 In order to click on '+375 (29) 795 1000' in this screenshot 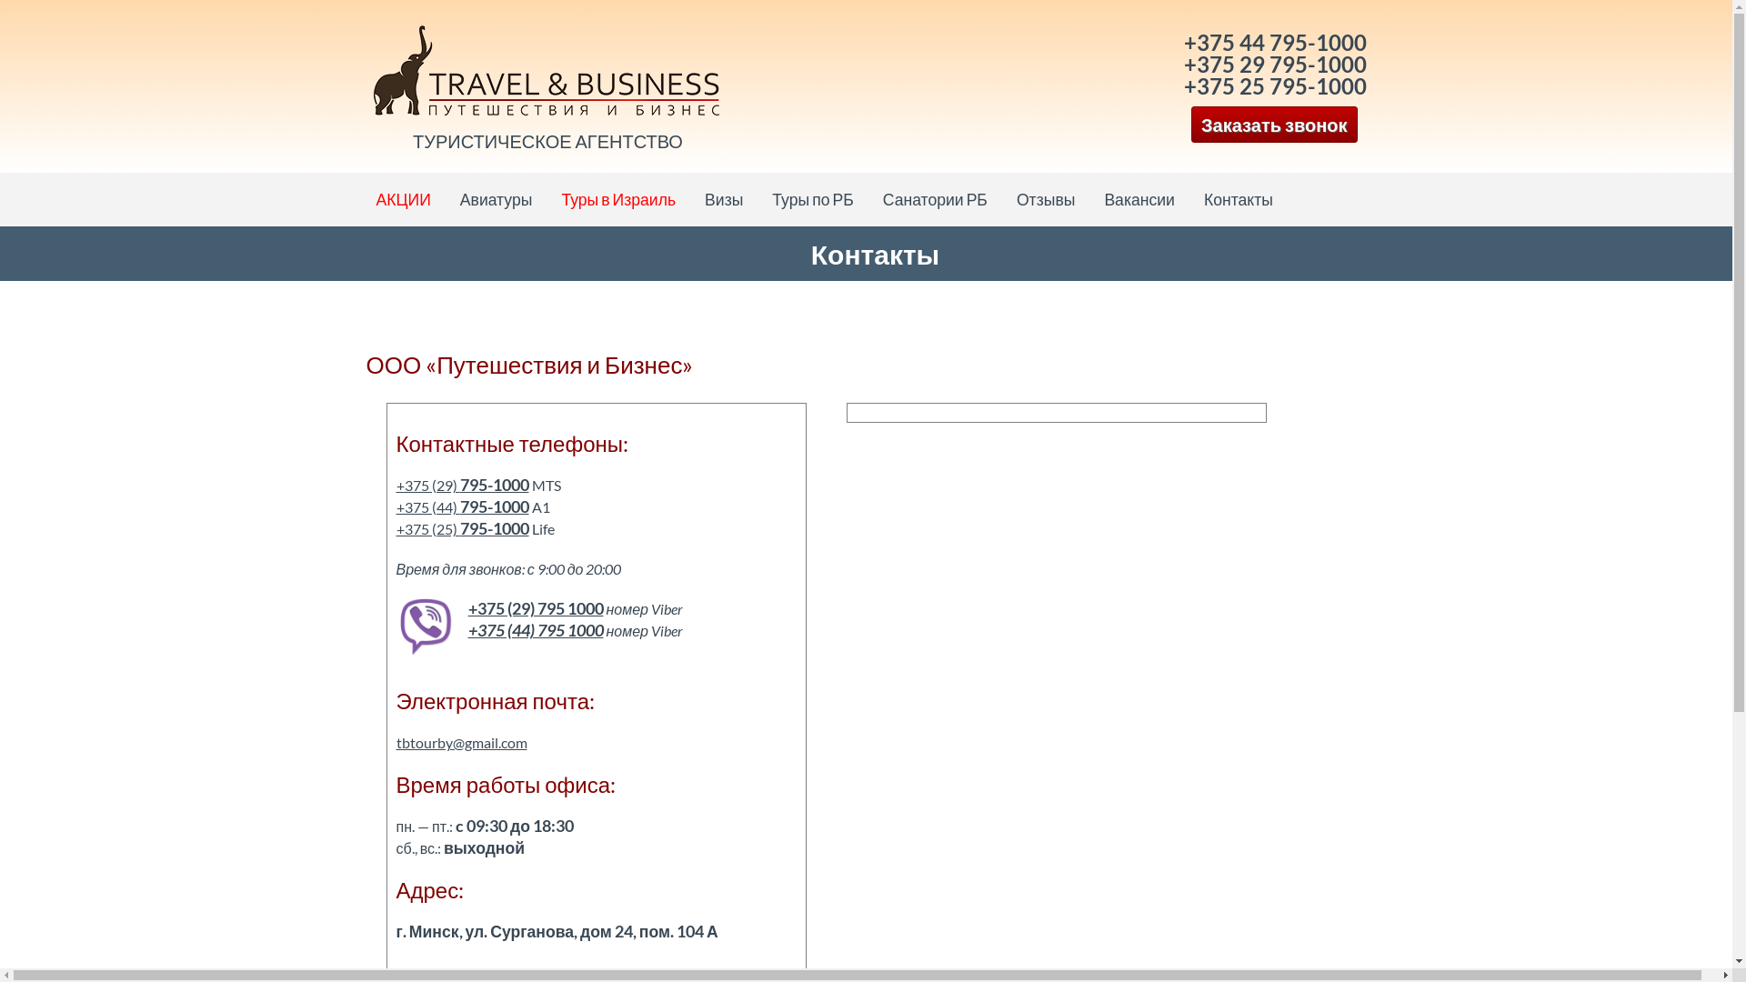, I will do `click(534, 608)`.